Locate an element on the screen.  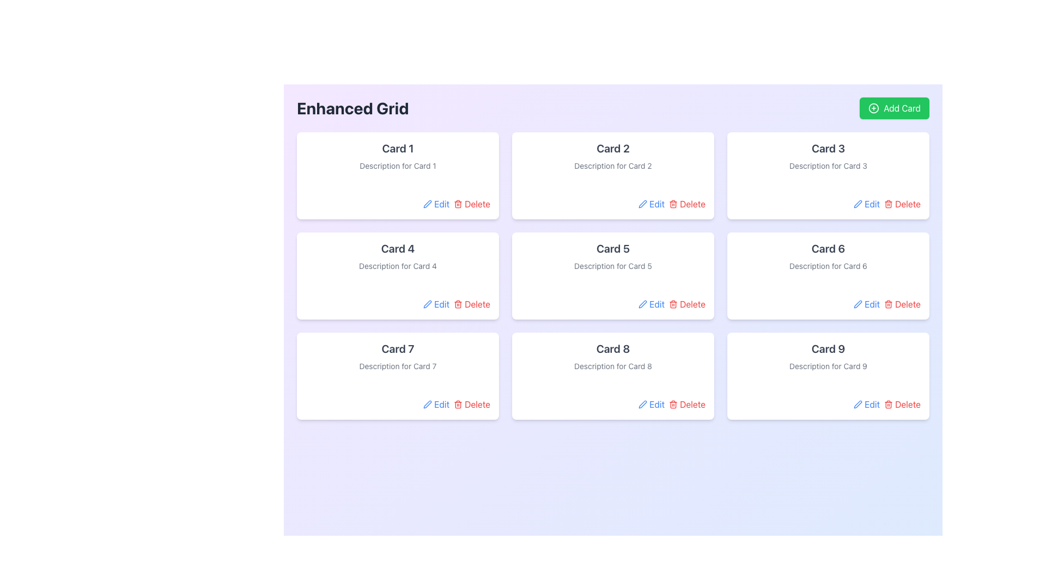
the text label 'Card 1' which is styled with a larger bold font and dark gray color, located at the top of the first card in the grid layout is located at coordinates (397, 149).